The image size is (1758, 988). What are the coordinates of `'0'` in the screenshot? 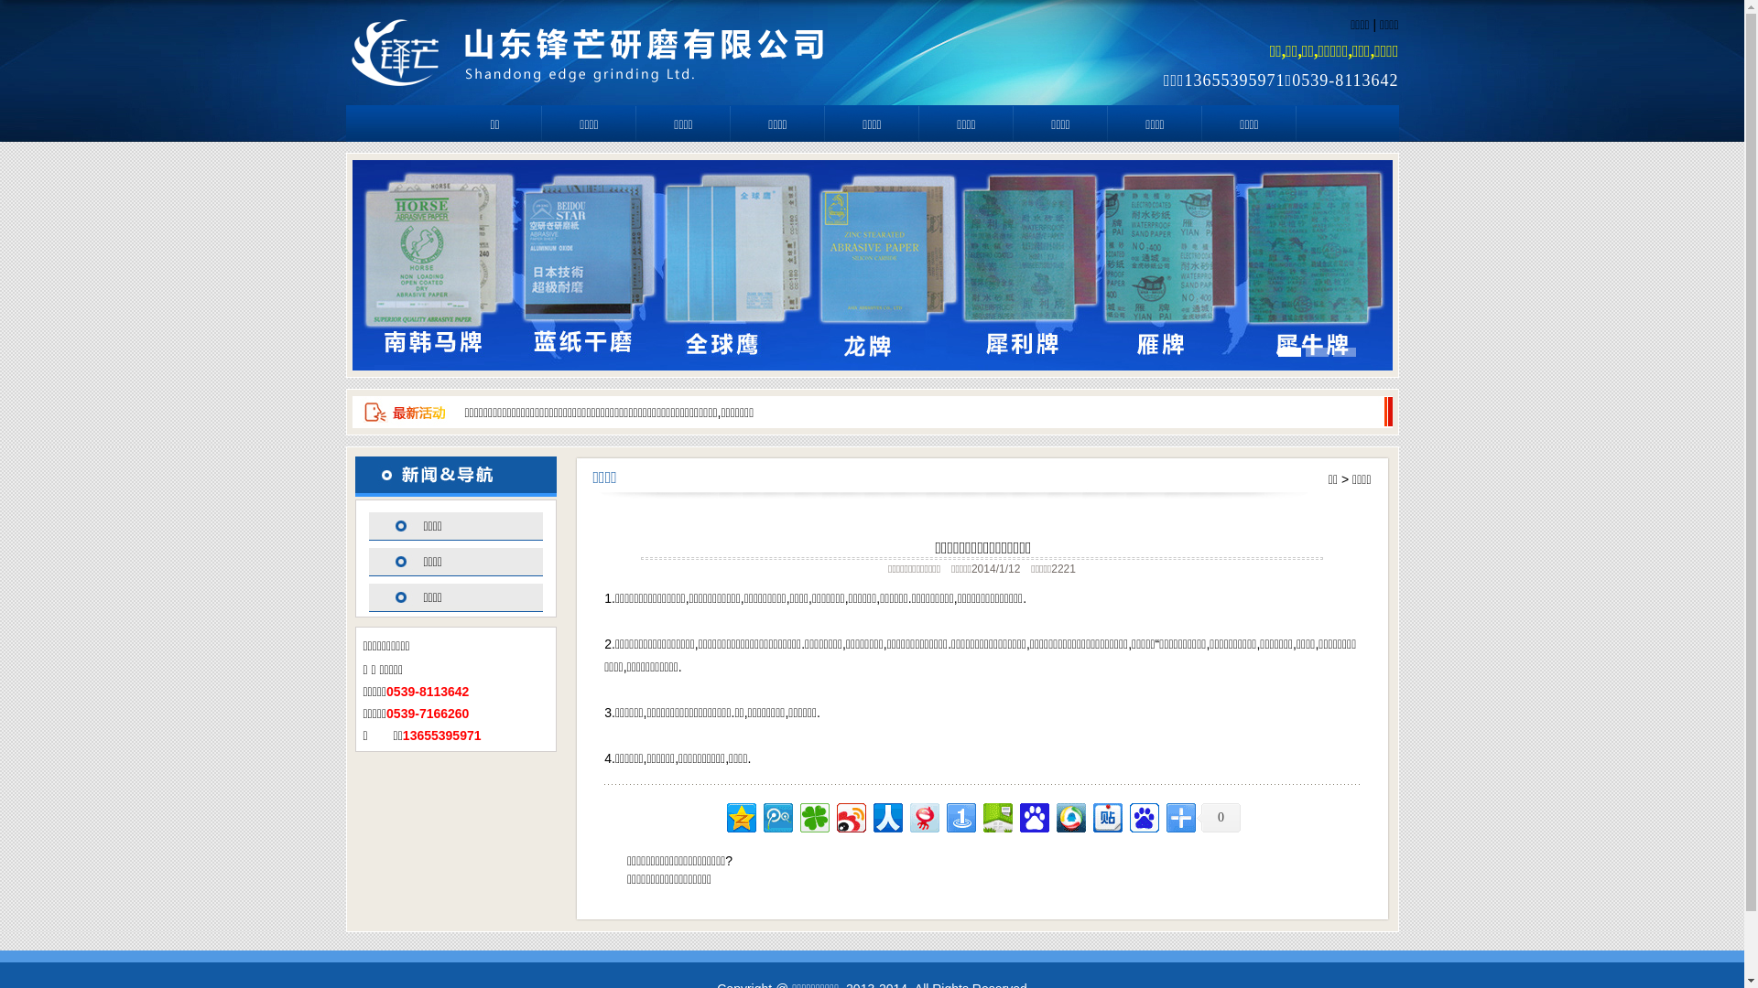 It's located at (1196, 817).